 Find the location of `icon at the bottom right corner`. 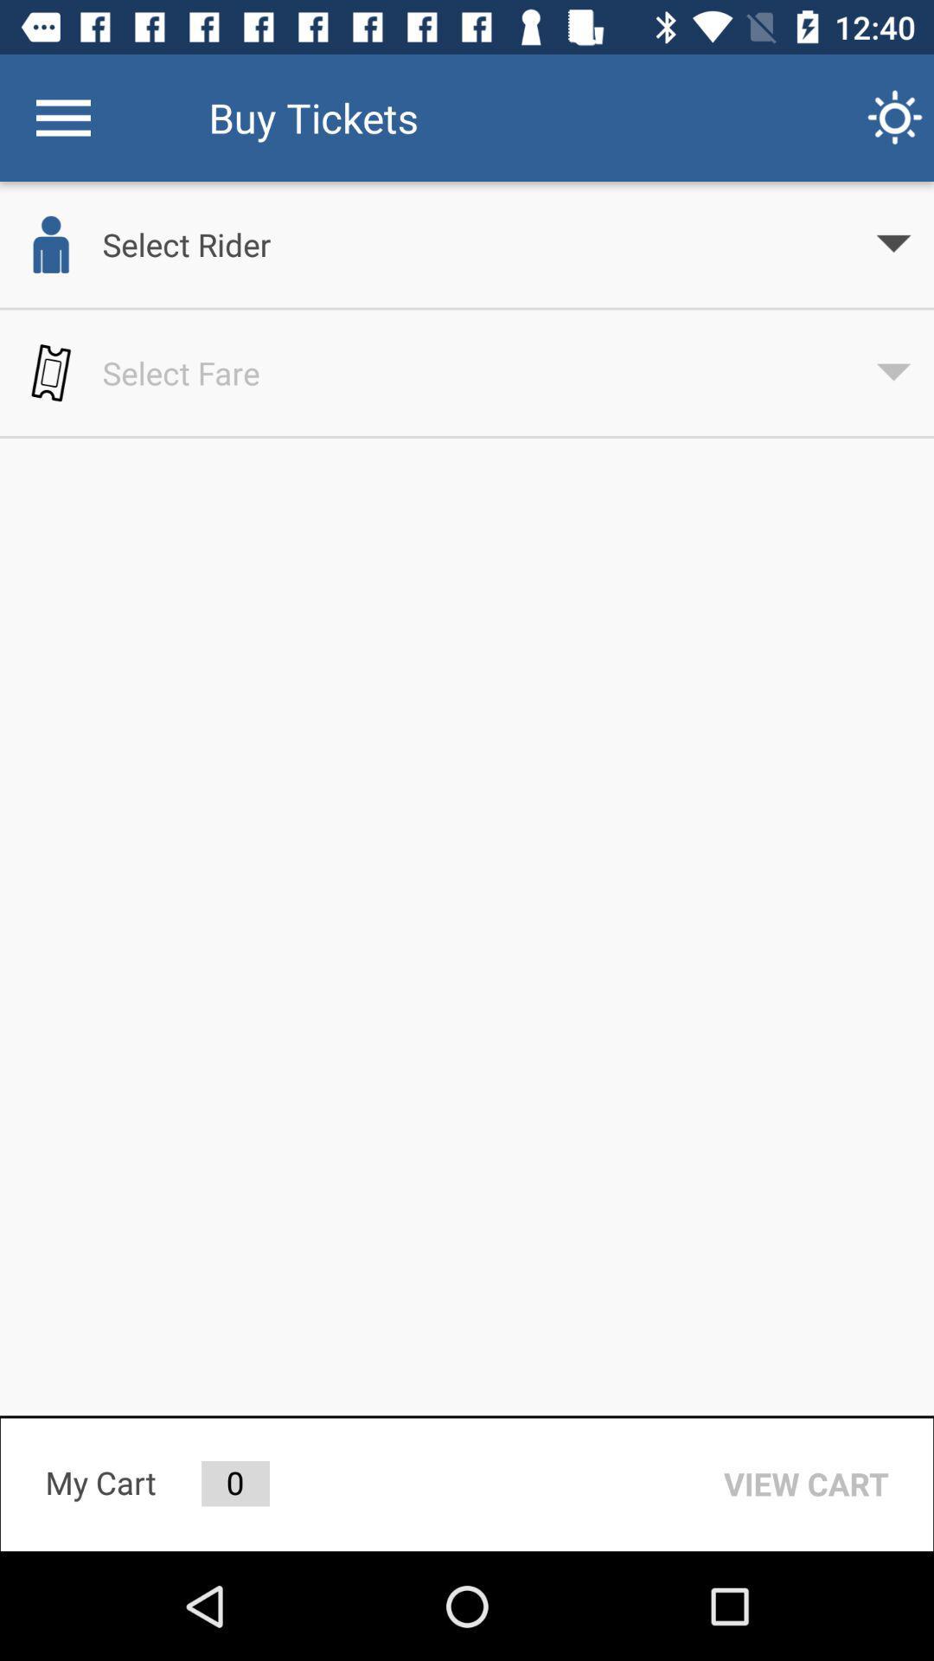

icon at the bottom right corner is located at coordinates (806, 1483).